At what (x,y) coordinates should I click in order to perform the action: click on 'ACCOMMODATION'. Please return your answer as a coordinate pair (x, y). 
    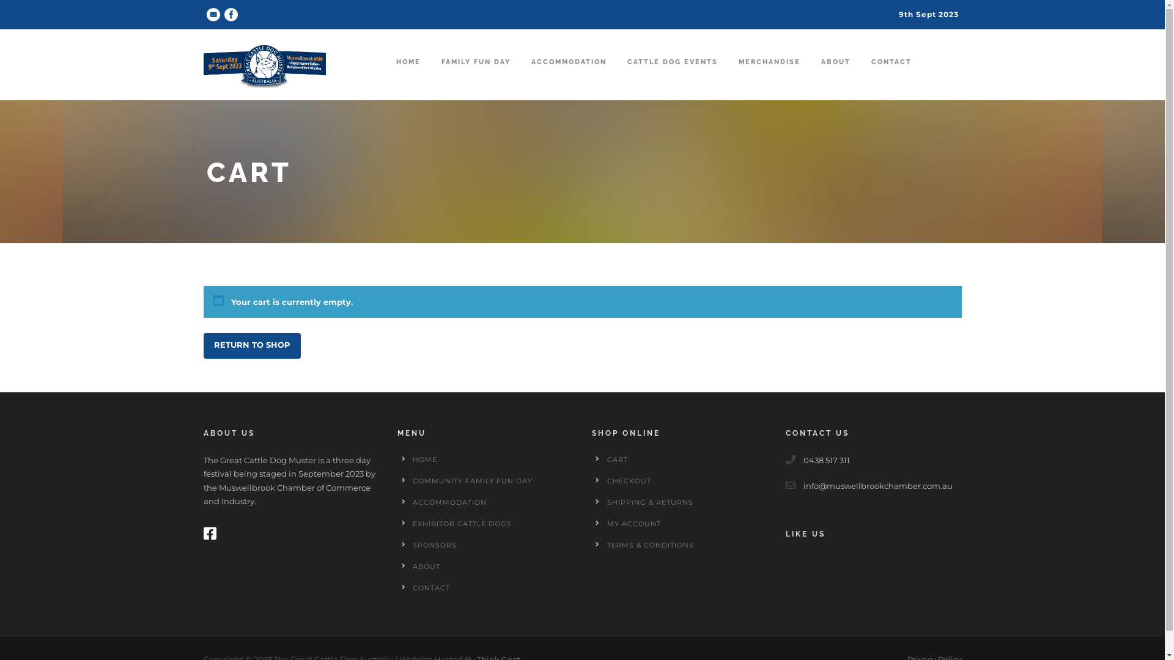
    Looking at the image, I should click on (567, 74).